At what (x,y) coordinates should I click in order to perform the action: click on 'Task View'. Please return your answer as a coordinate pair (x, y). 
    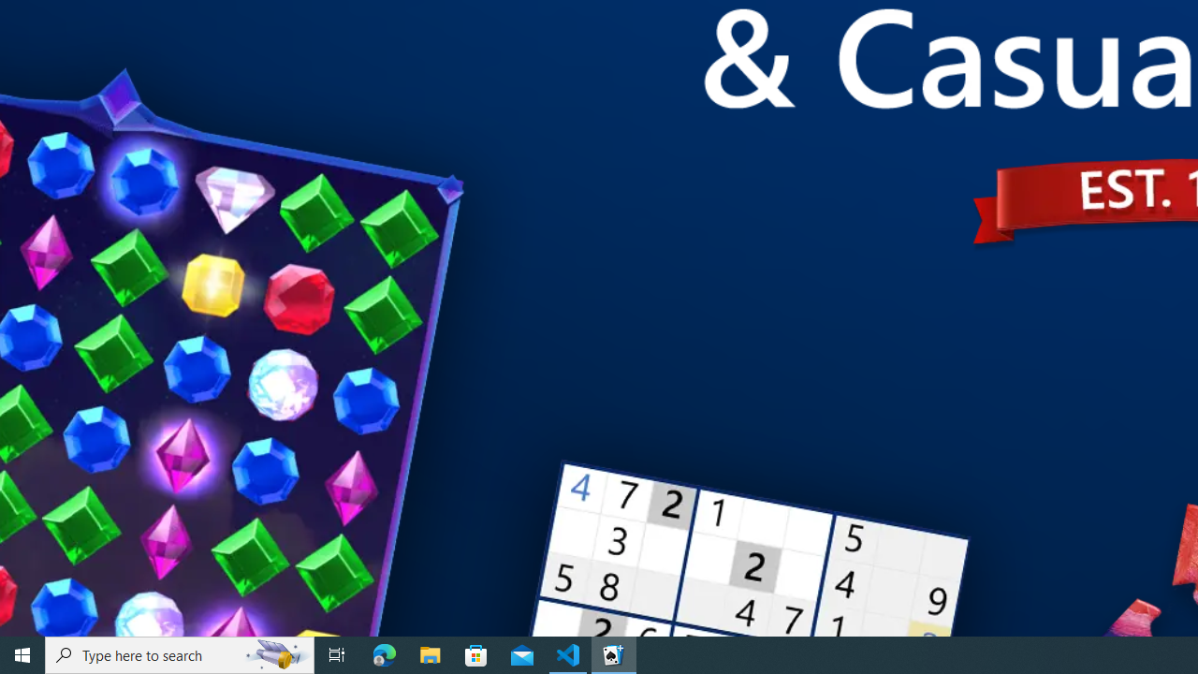
    Looking at the image, I should click on (336, 653).